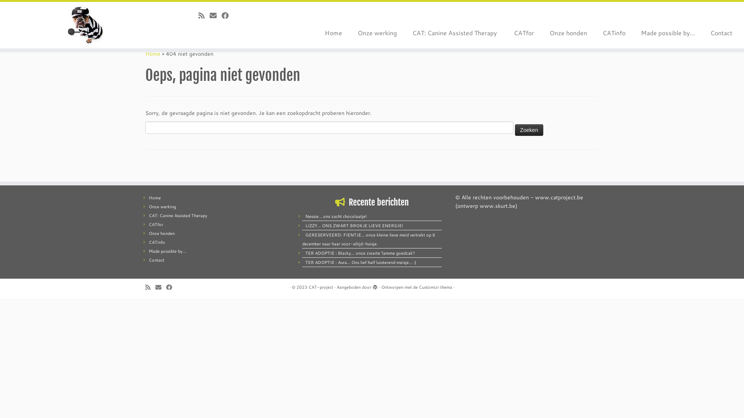  What do you see at coordinates (541, 32) in the screenshot?
I see `'Onze honden'` at bounding box center [541, 32].